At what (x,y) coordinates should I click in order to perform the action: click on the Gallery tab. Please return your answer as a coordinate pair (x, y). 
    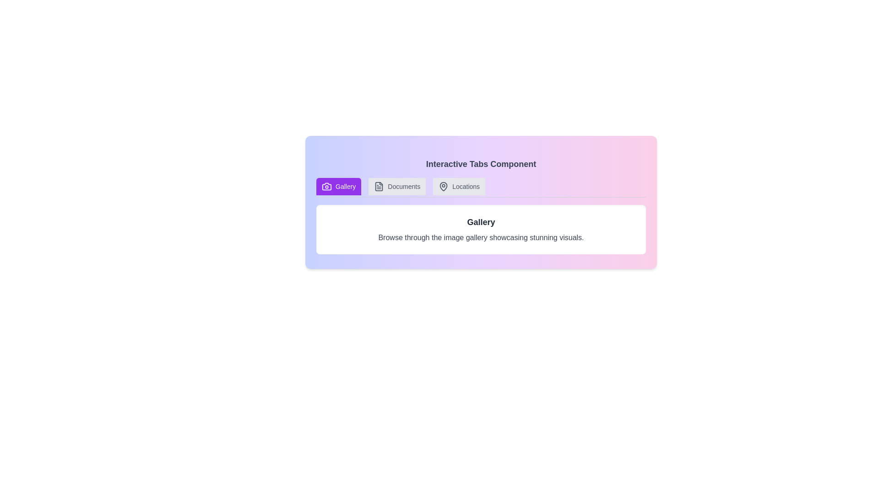
    Looking at the image, I should click on (338, 186).